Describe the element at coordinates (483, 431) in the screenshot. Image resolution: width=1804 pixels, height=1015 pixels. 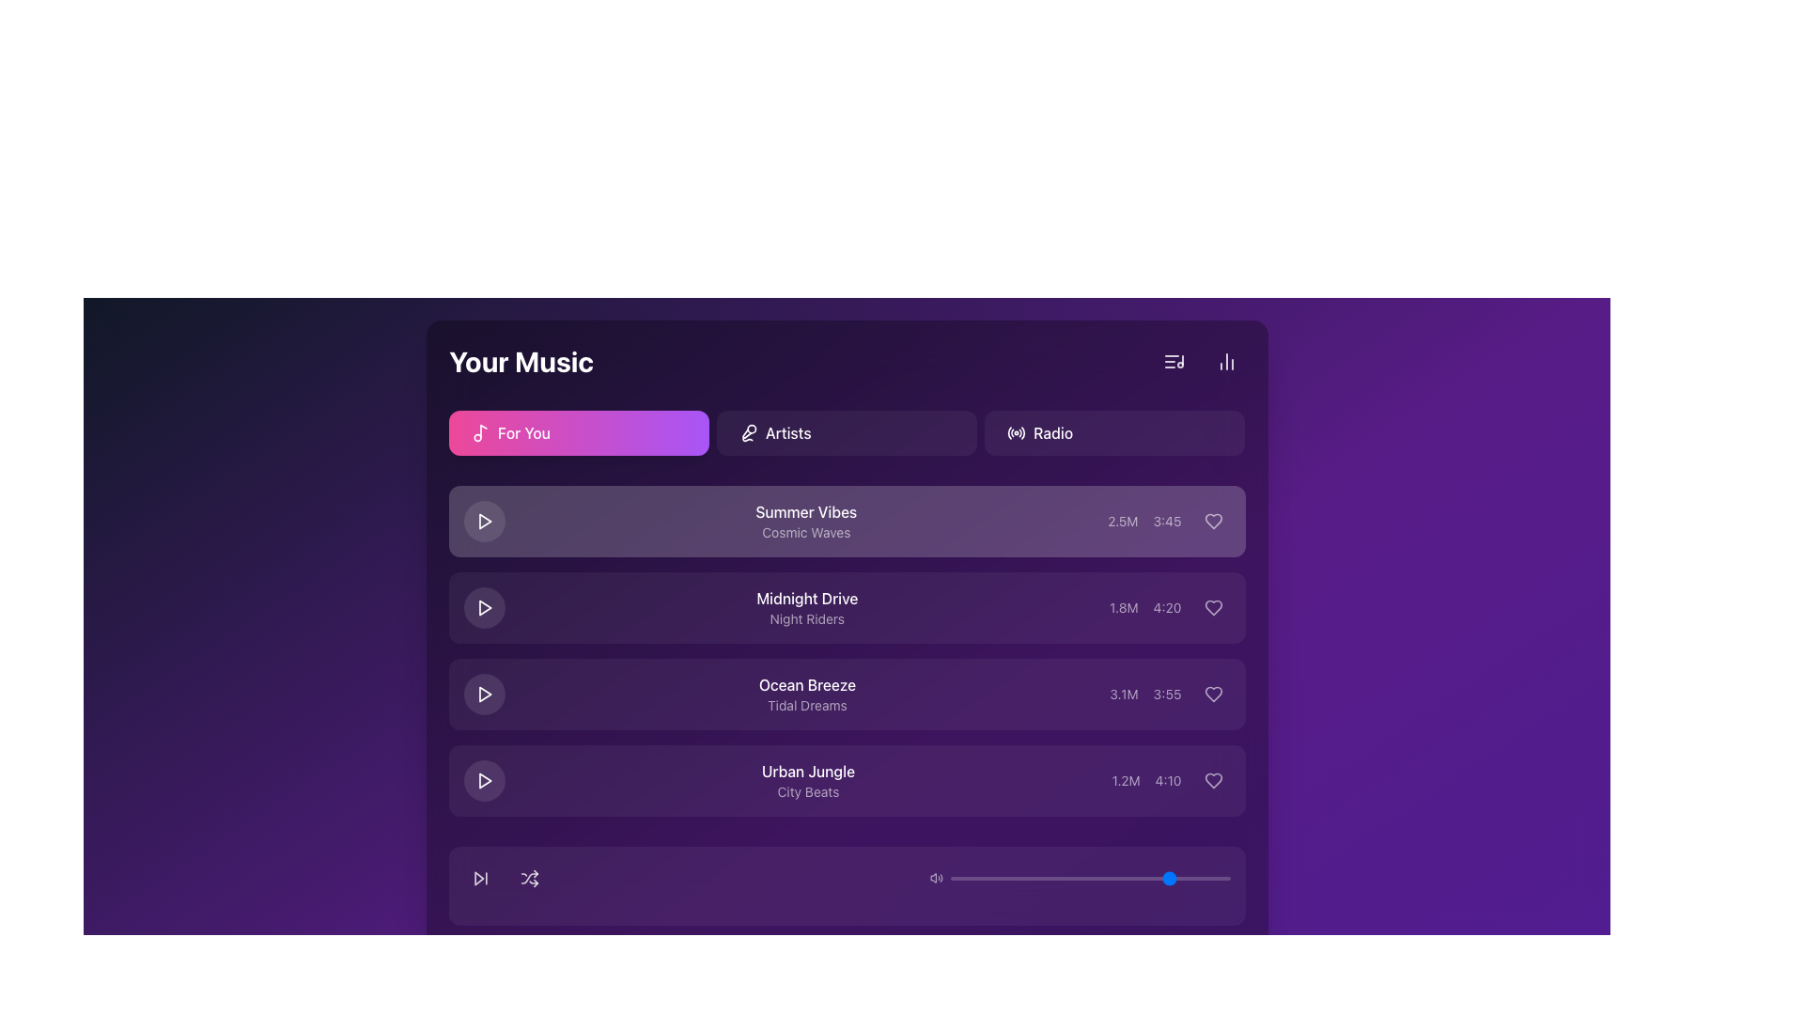
I see `the vertical stem of the musical note icon located within the 'For You' button` at that location.